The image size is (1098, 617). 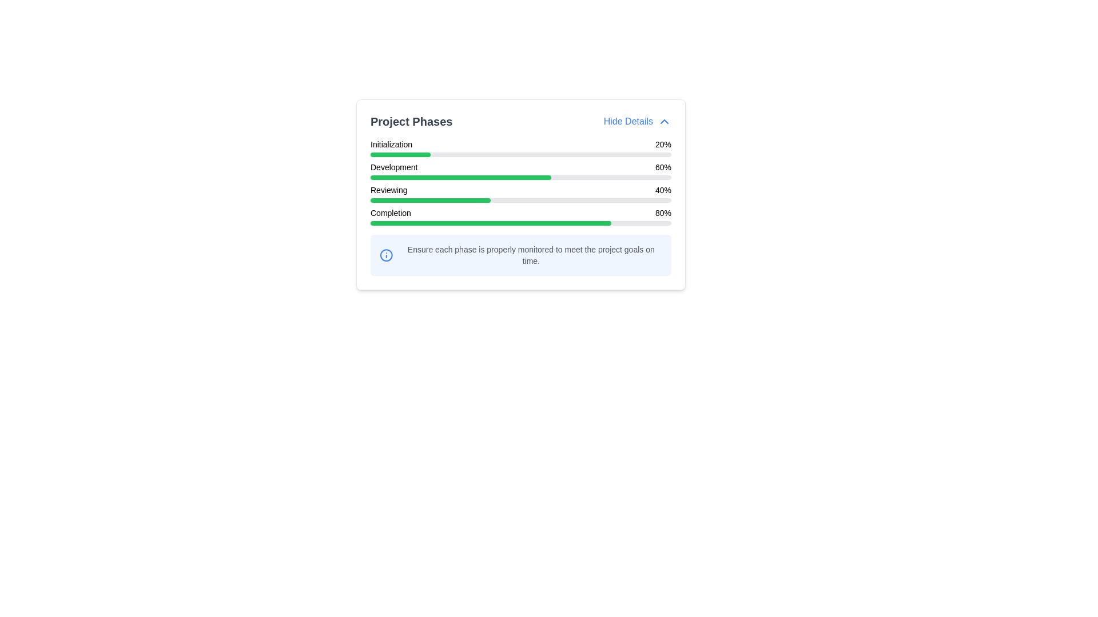 I want to click on the informational banner with a blue info icon and gray text that advises on project monitoring, located centrally below the progress bars, so click(x=520, y=255).